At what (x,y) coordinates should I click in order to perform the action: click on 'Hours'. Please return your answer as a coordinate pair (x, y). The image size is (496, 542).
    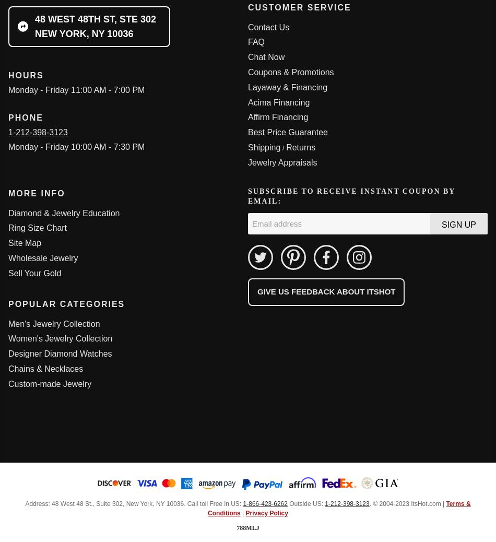
    Looking at the image, I should click on (26, 74).